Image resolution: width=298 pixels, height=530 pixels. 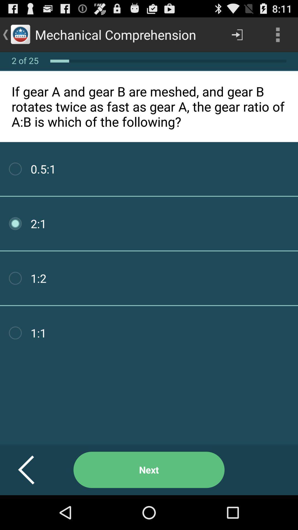 I want to click on item at the bottom left corner, so click(x=33, y=470).